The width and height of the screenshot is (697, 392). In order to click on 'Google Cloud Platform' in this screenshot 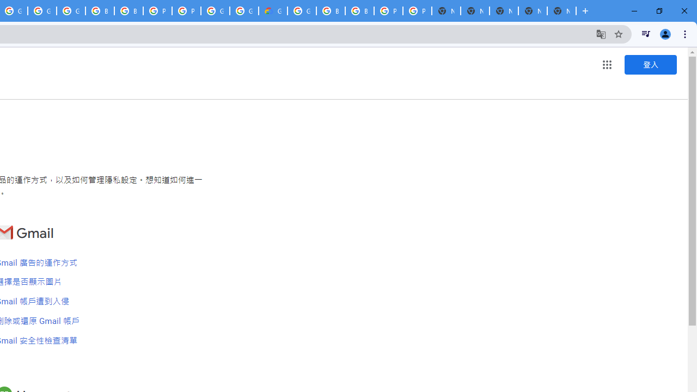, I will do `click(215, 11)`.